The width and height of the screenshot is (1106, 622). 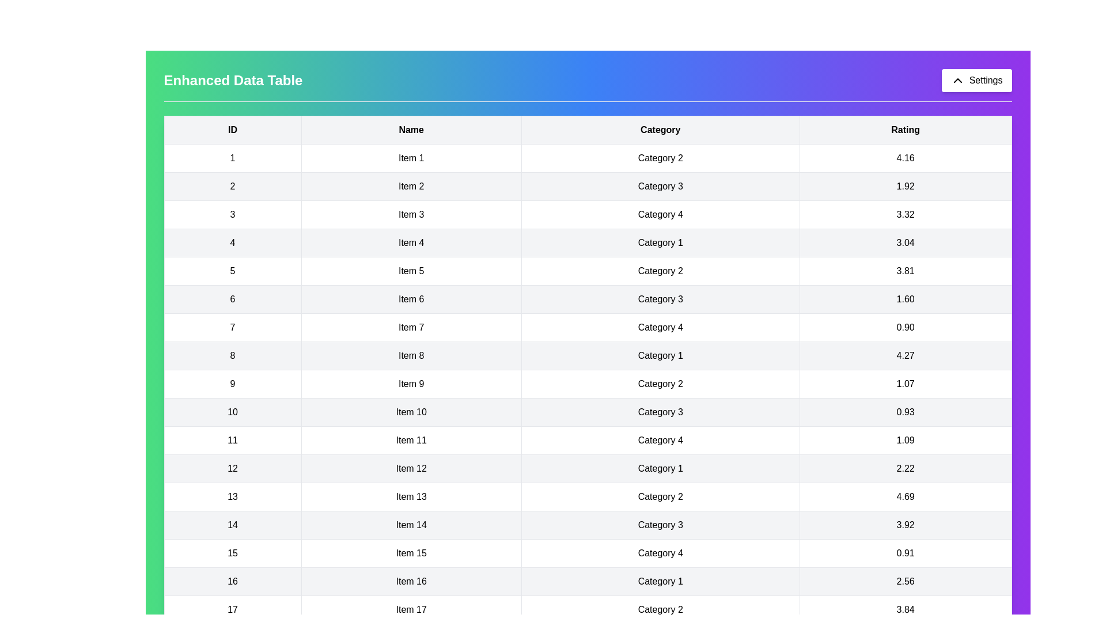 I want to click on the table header Rating to examine it, so click(x=905, y=130).